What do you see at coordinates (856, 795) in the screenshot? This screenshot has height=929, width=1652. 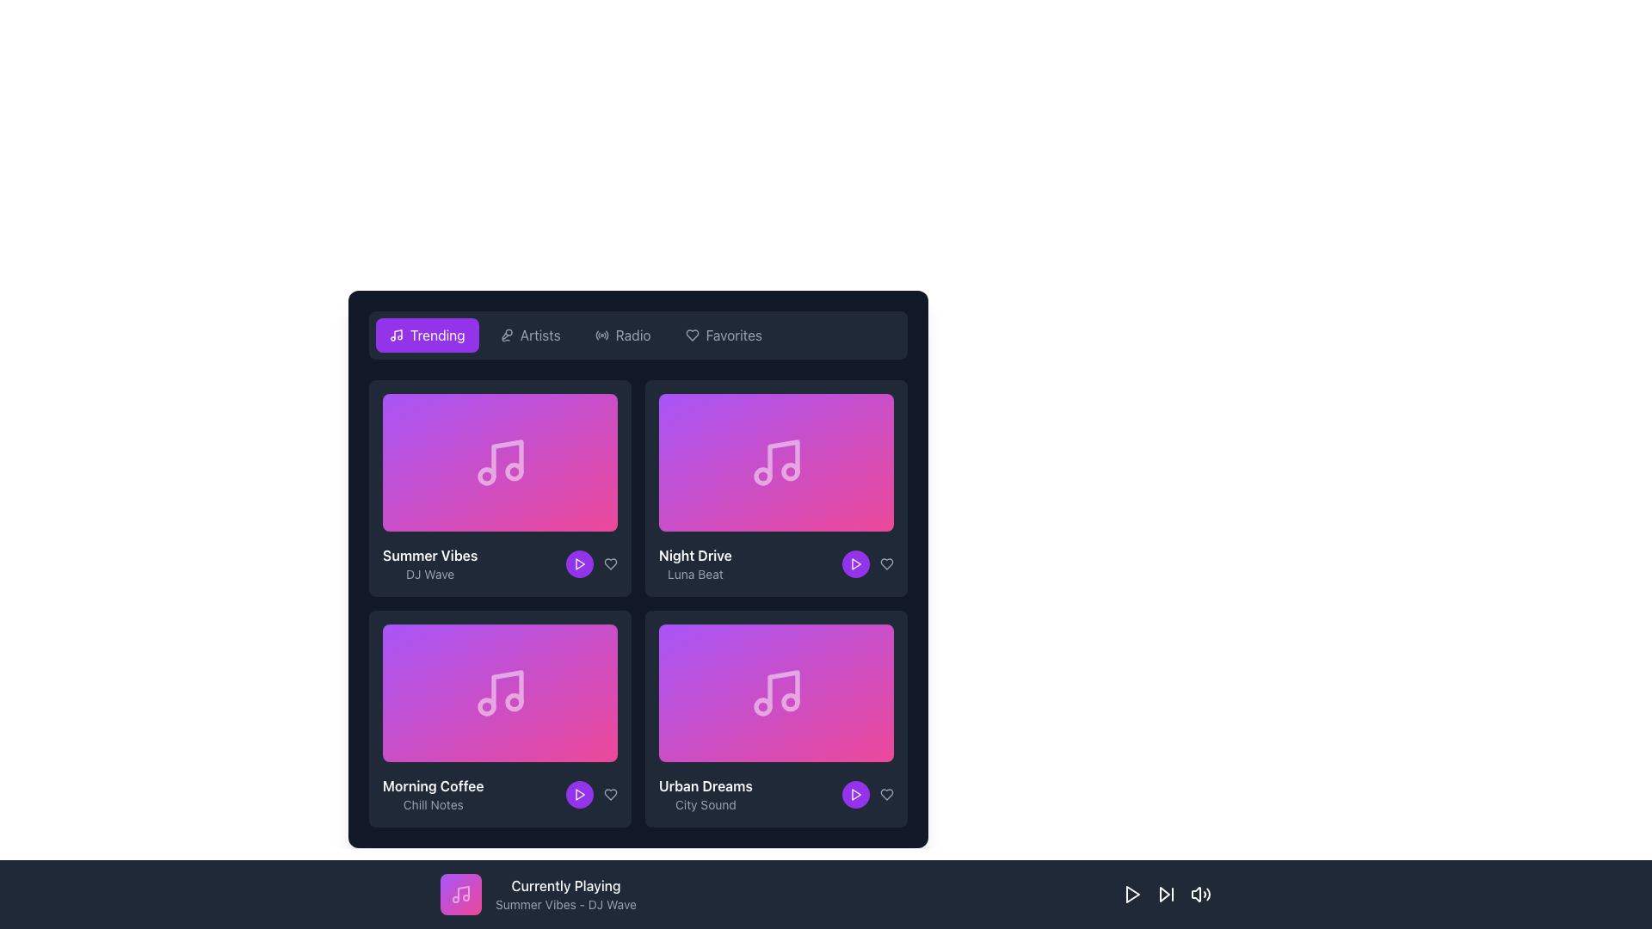 I see `the play button located at the bottom right corner of the 'Urban Dreams' tile` at bounding box center [856, 795].